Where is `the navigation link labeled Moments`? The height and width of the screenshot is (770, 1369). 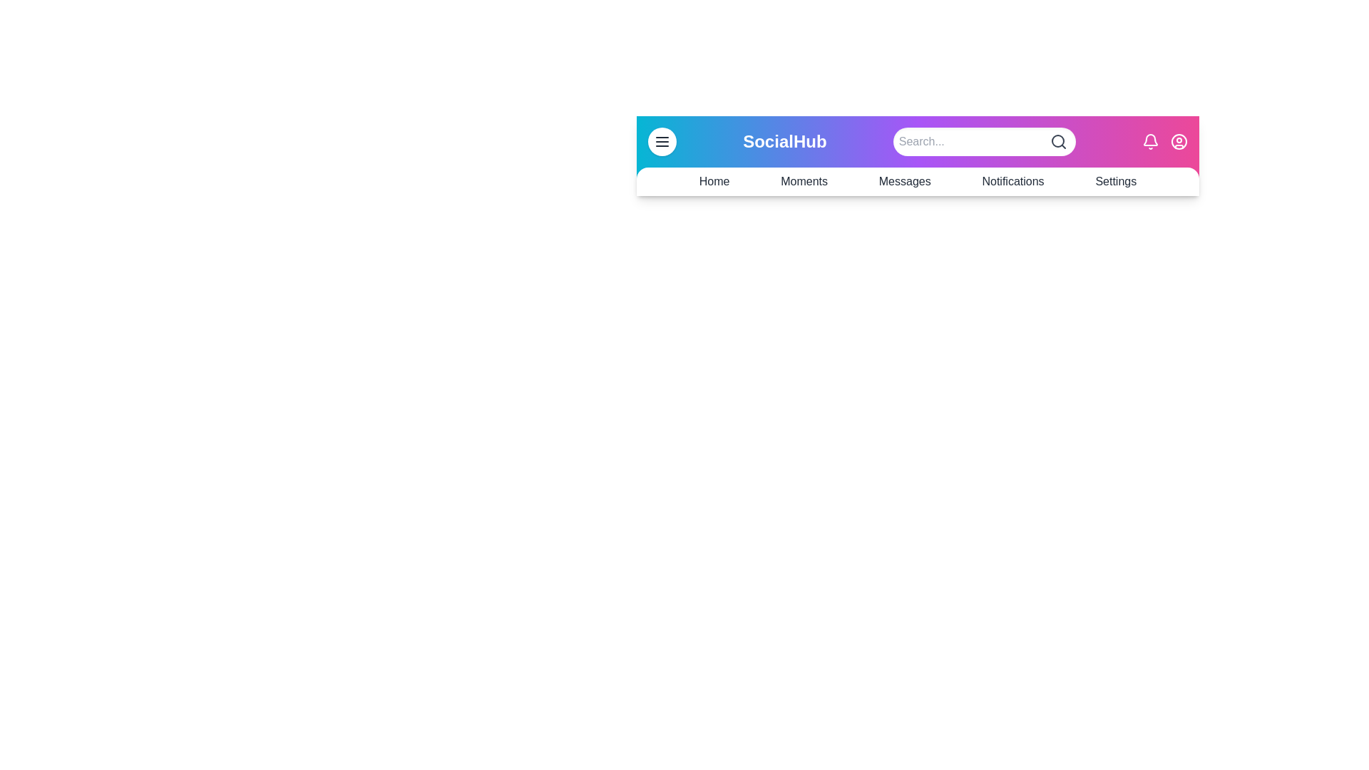
the navigation link labeled Moments is located at coordinates (804, 180).